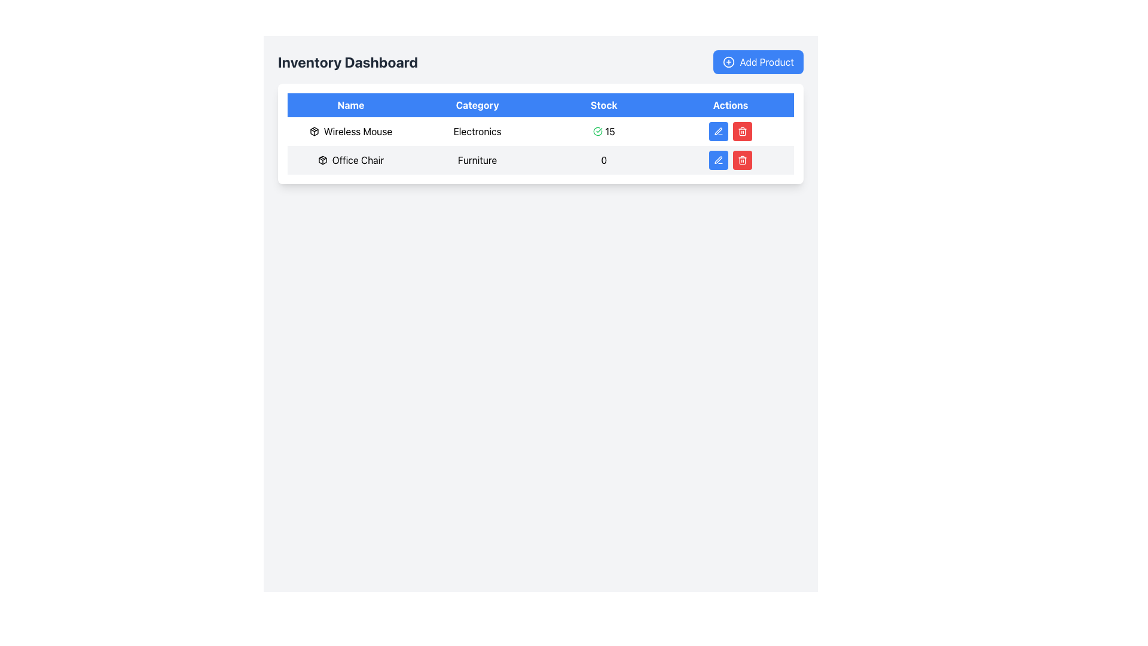 Image resolution: width=1148 pixels, height=646 pixels. Describe the element at coordinates (347, 62) in the screenshot. I see `the header text element indicating the inventory dashboard, which is located towards the upper-left corner of the interface and is horizontally aligned with the 'Add Product' button` at that location.